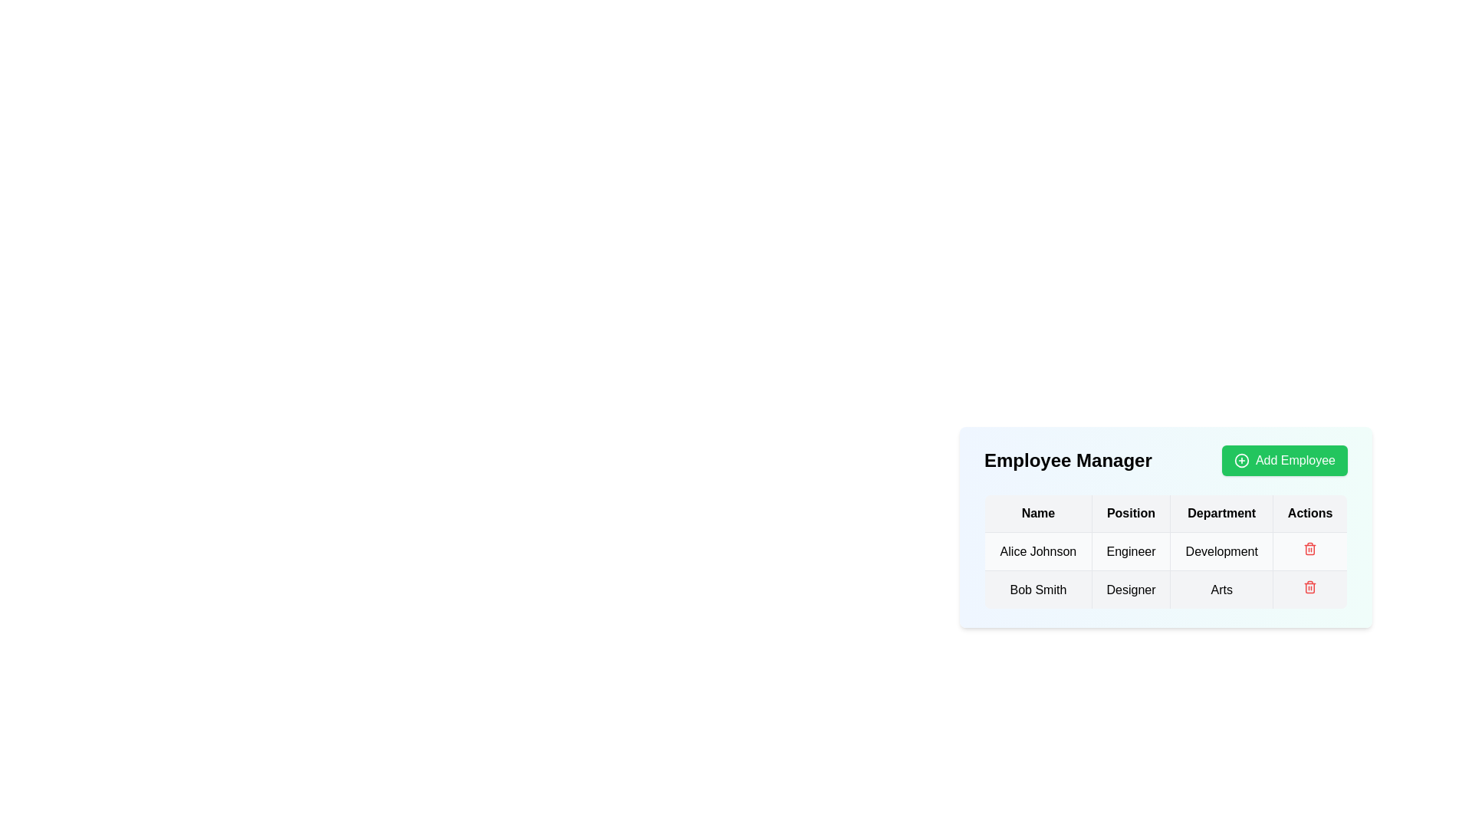 The width and height of the screenshot is (1472, 828). Describe the element at coordinates (1221, 589) in the screenshot. I see `the static text cell indicating the department 'Arts' associated with 'Bob Smith' in the 'Employee Manager' table` at that location.